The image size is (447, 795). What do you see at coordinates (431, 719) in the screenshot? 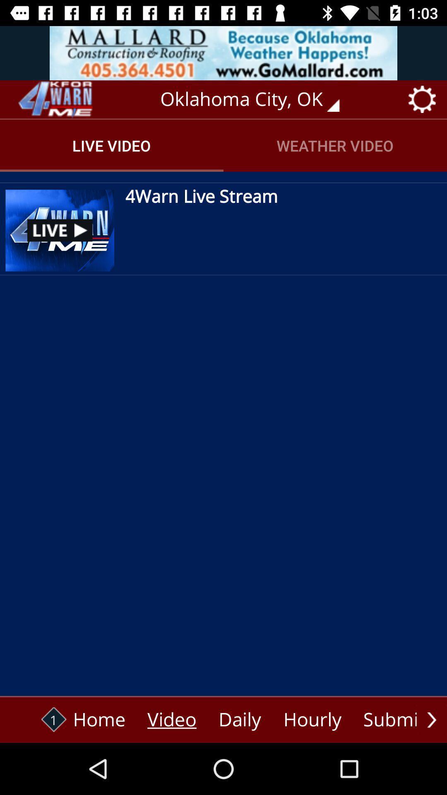
I see `the arrow_forward icon` at bounding box center [431, 719].